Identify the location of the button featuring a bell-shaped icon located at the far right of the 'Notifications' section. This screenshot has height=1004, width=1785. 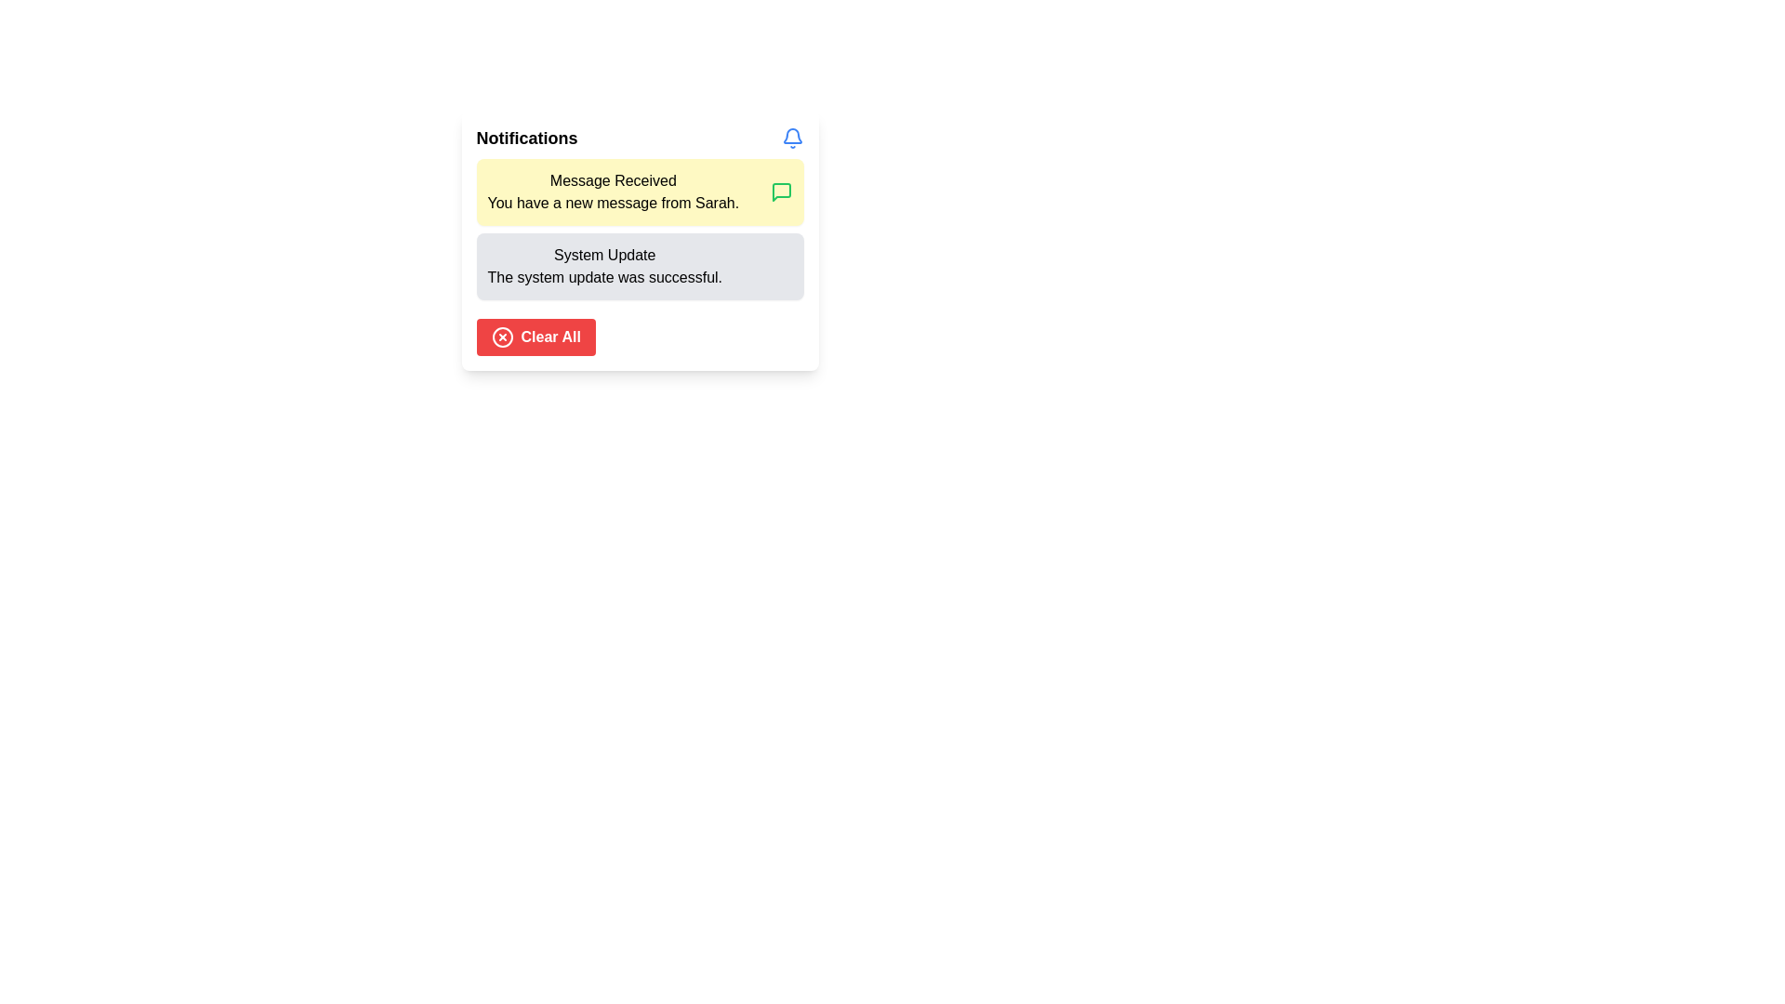
(792, 138).